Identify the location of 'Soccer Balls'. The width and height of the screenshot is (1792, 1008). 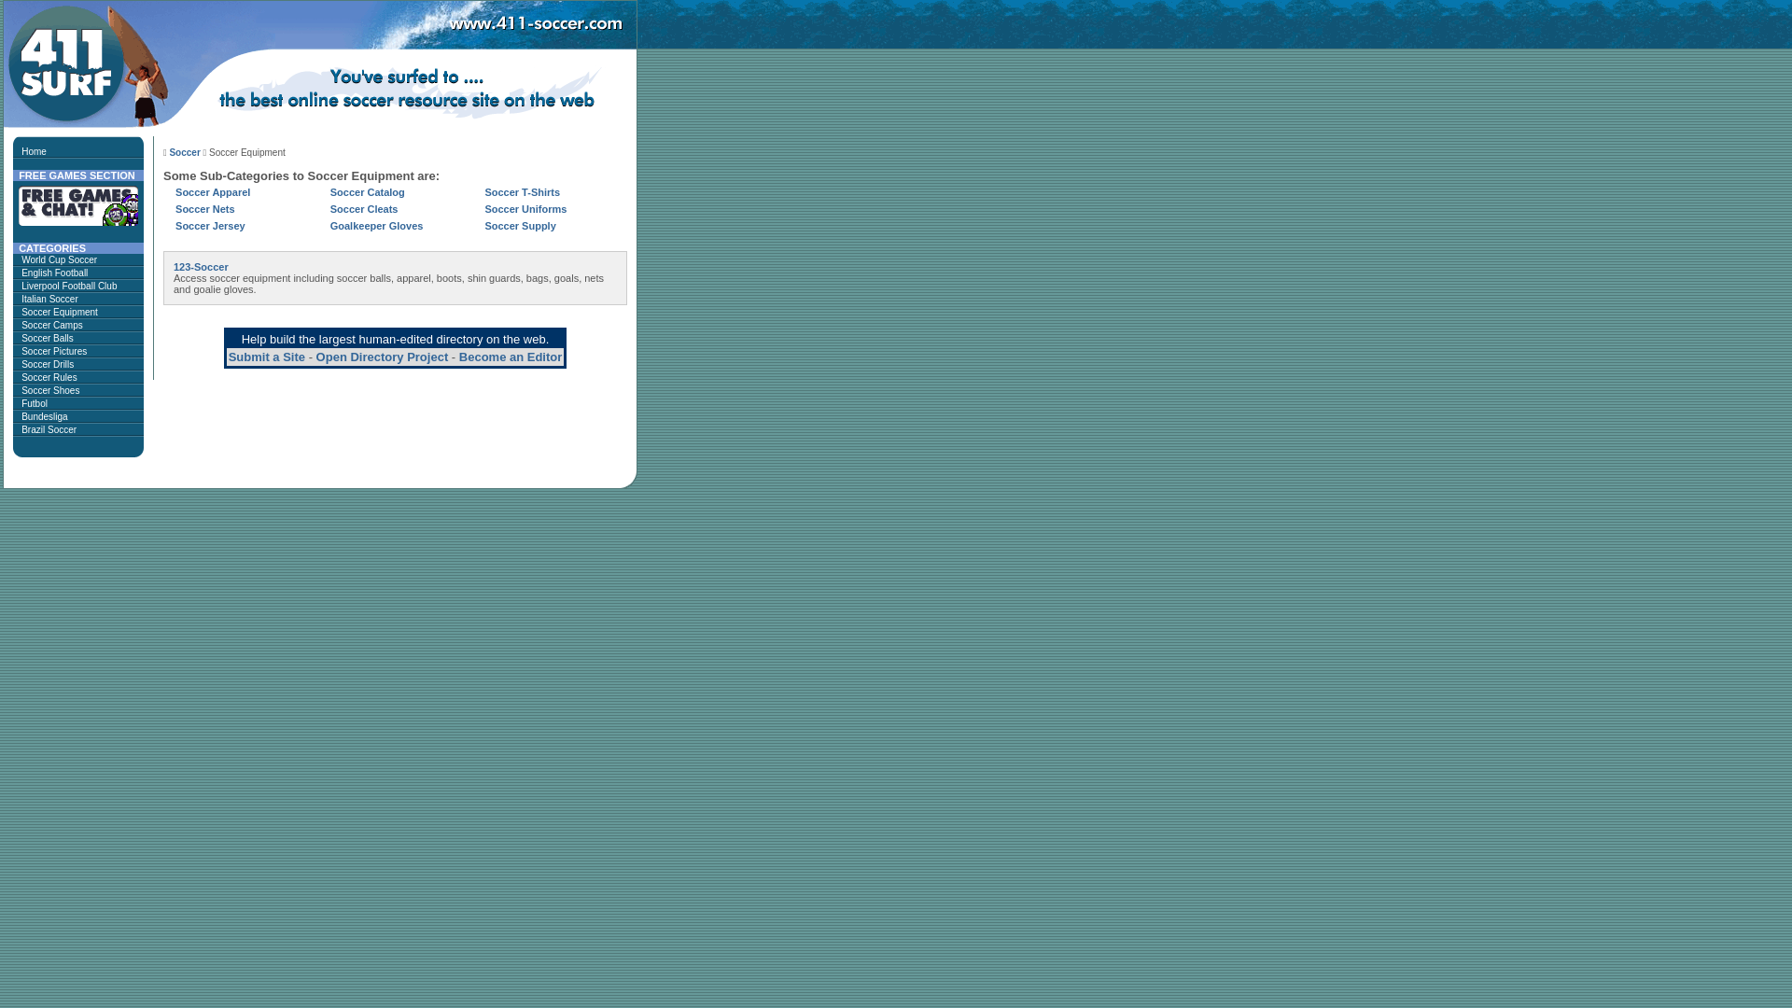
(48, 338).